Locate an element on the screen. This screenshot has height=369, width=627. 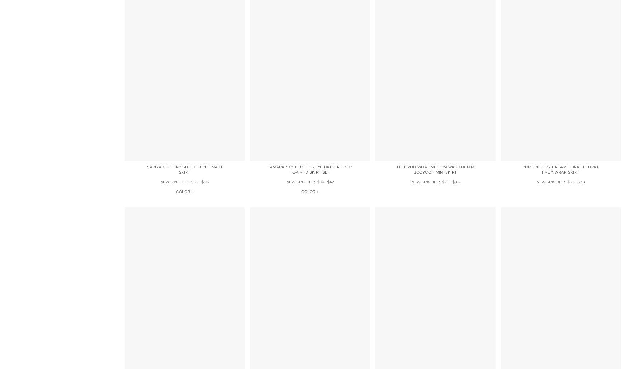
'$70' is located at coordinates (442, 181).